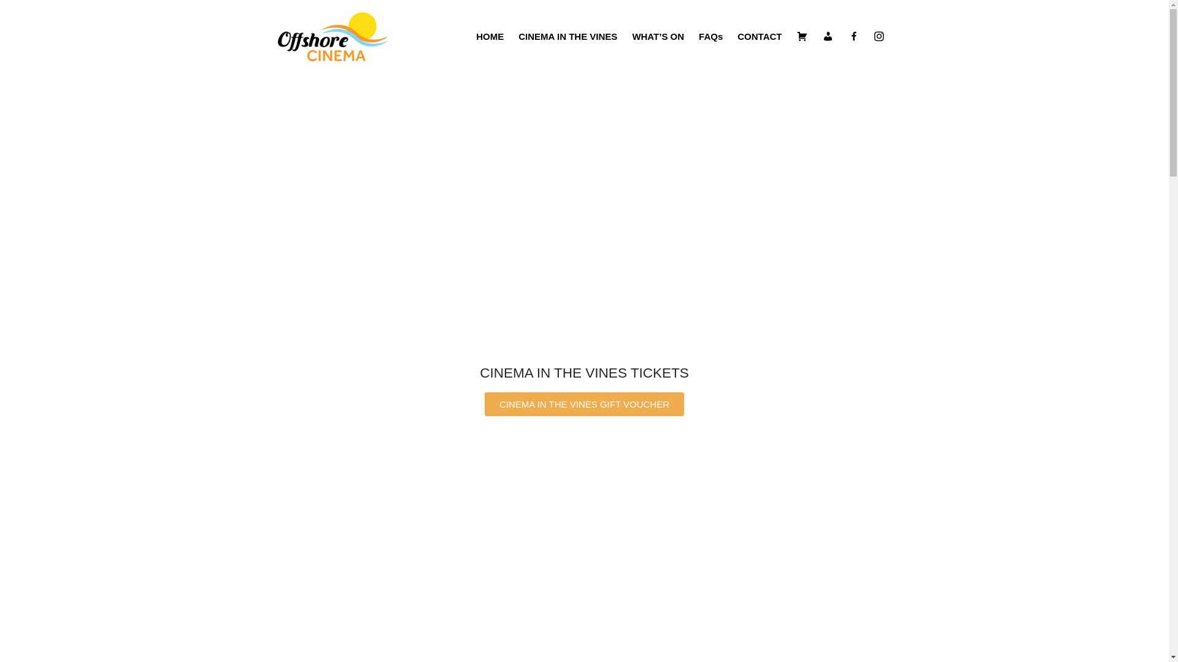 The height and width of the screenshot is (662, 1178). I want to click on 'CINEMA IN THE VINES GIFT VOUCHER', so click(583, 404).